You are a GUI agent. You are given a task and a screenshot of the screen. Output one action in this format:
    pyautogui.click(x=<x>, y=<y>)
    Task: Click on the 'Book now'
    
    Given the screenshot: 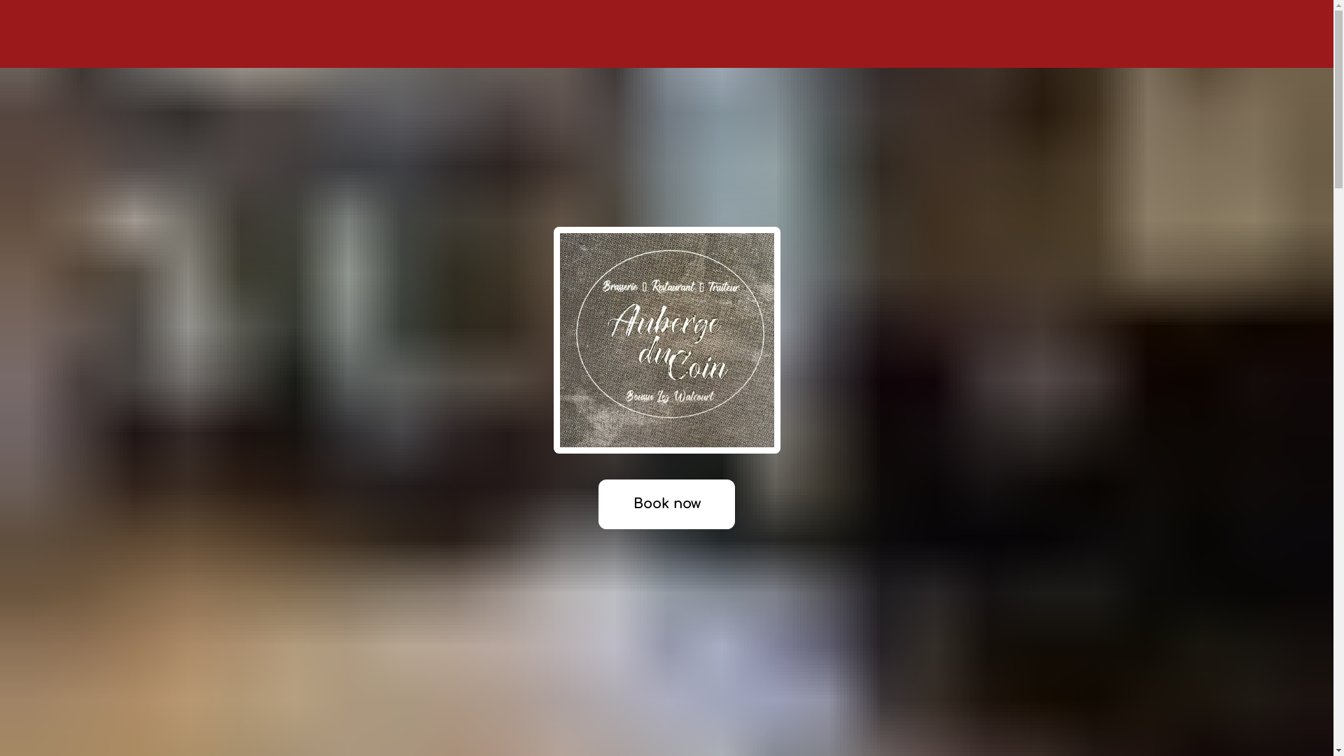 What is the action you would take?
    pyautogui.click(x=665, y=504)
    